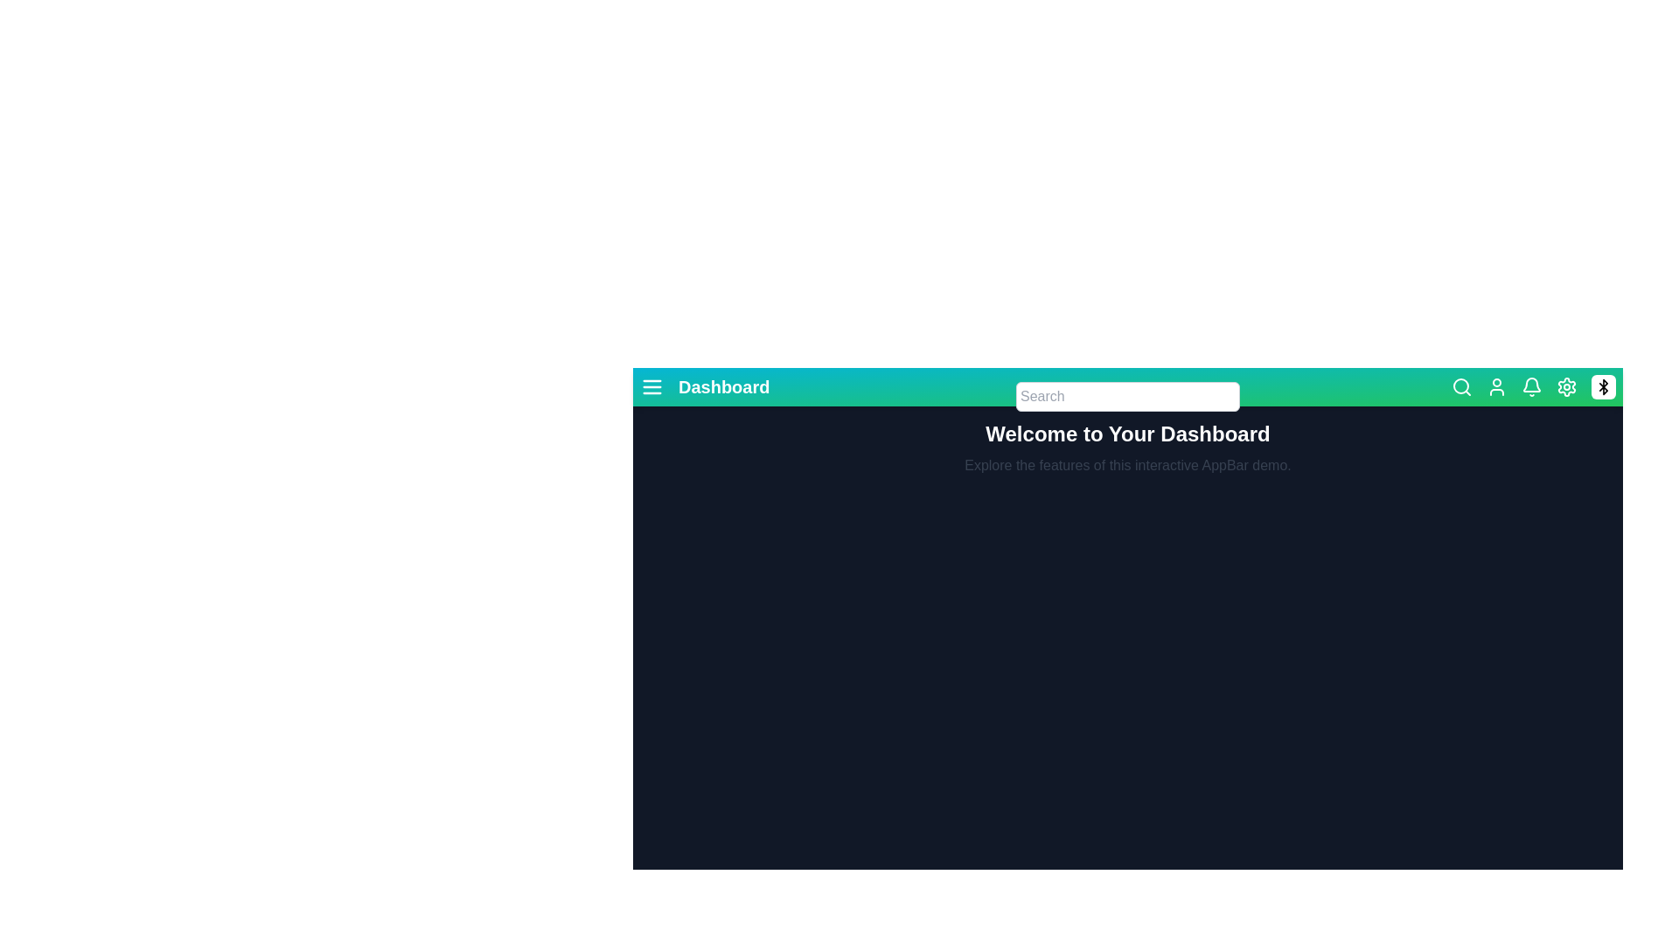  Describe the element at coordinates (1531, 386) in the screenshot. I see `the bell icon to interact with notifications` at that location.